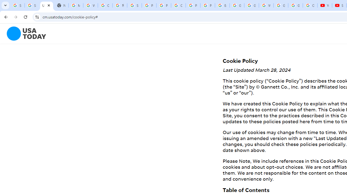  What do you see at coordinates (46, 5) in the screenshot?
I see `'USA TODAY'` at bounding box center [46, 5].